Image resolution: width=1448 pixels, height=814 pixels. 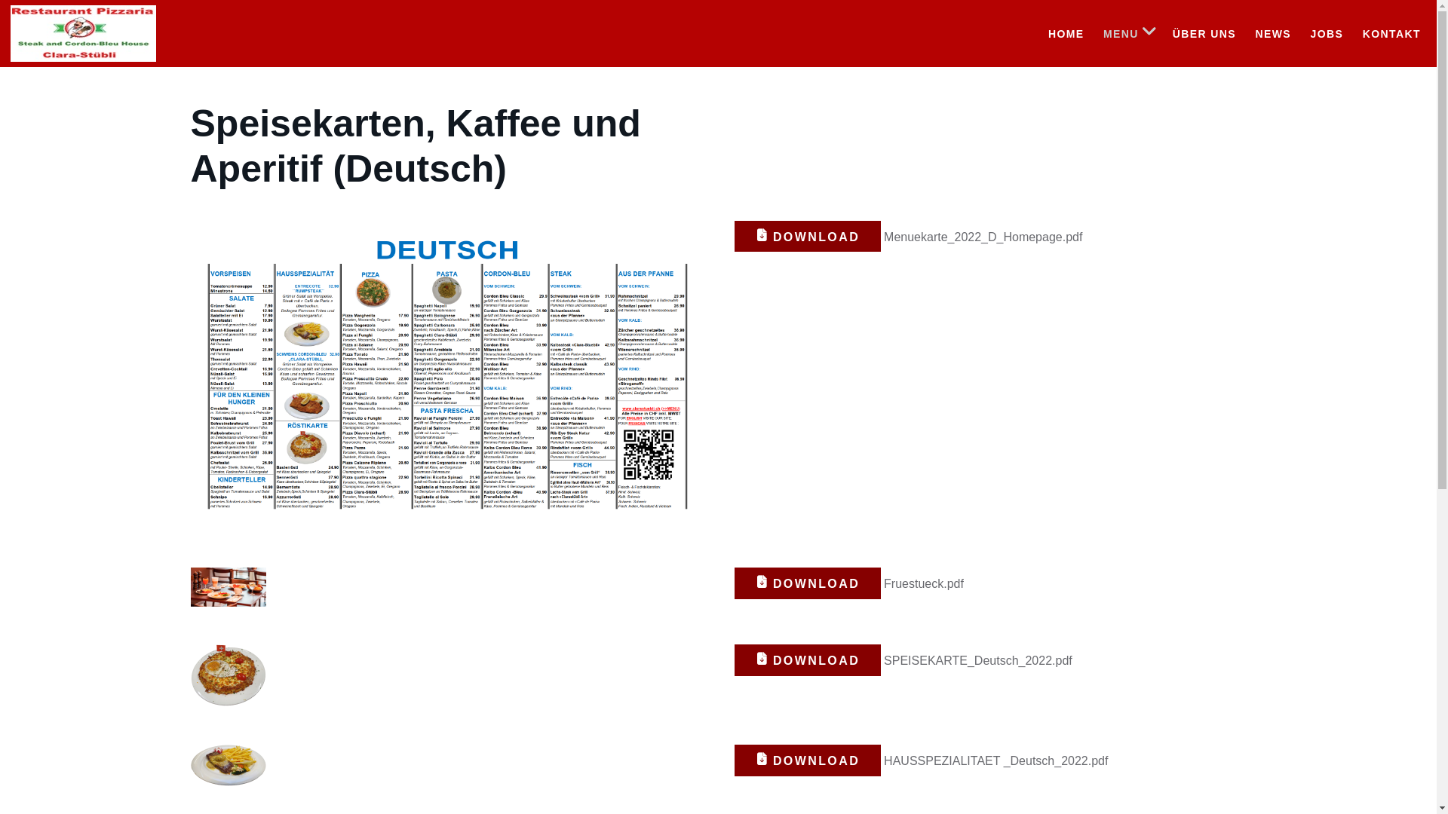 I want to click on 'JOBS', so click(x=1299, y=32).